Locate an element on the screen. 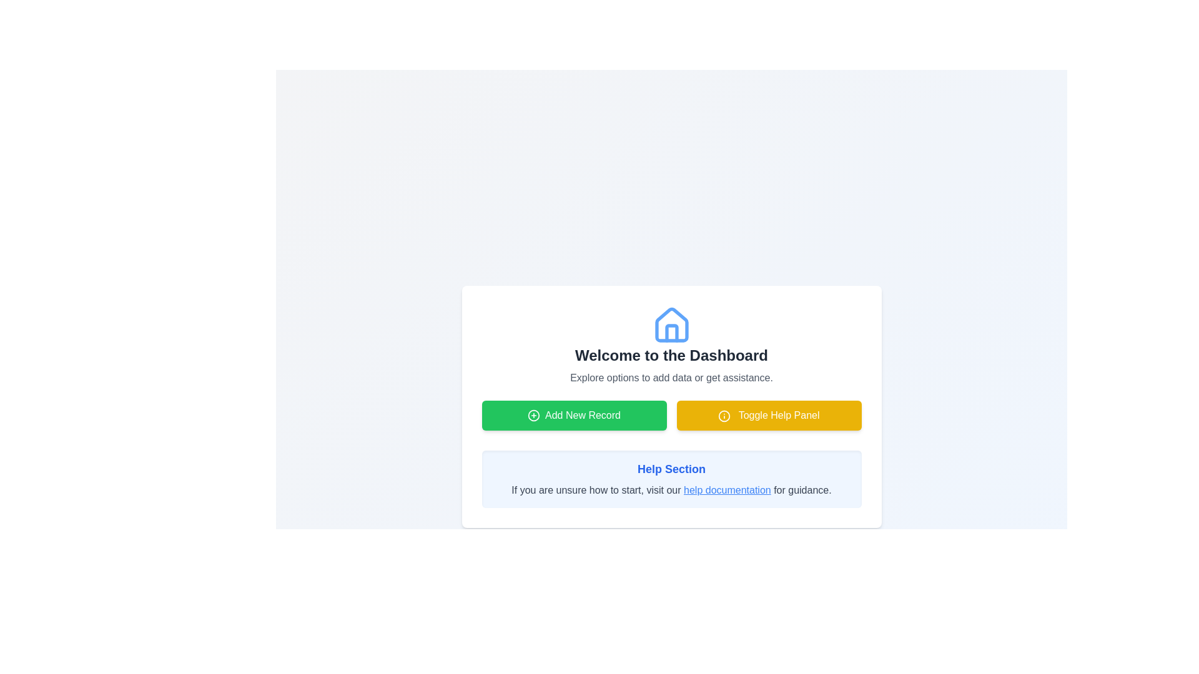  the button that toggles the visibility of the help panel, positioned to the right of the 'Add New Record' button in a two-column layout is located at coordinates (768, 416).